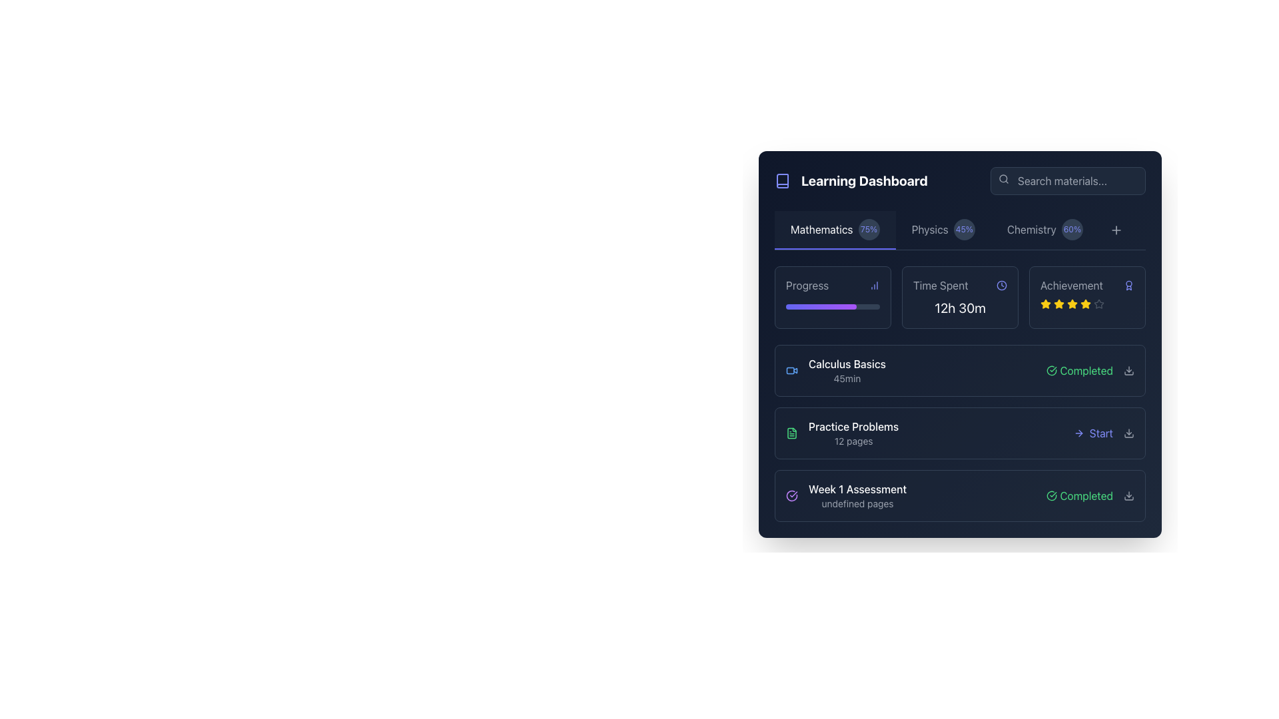 Image resolution: width=1279 pixels, height=719 pixels. What do you see at coordinates (792, 433) in the screenshot?
I see `the small, green-outlined file icon located to the left of the text 'Practice Problems' and '12 pages'` at bounding box center [792, 433].